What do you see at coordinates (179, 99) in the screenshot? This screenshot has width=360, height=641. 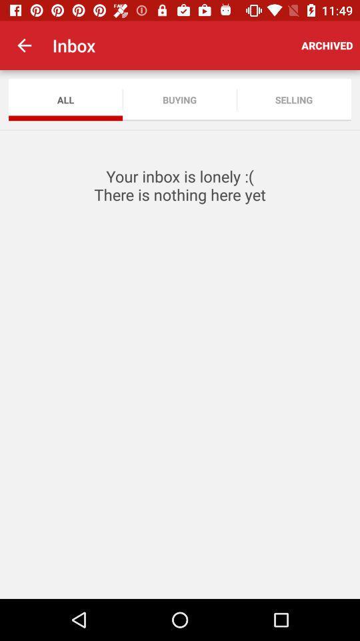 I see `app to the right of the all app` at bounding box center [179, 99].